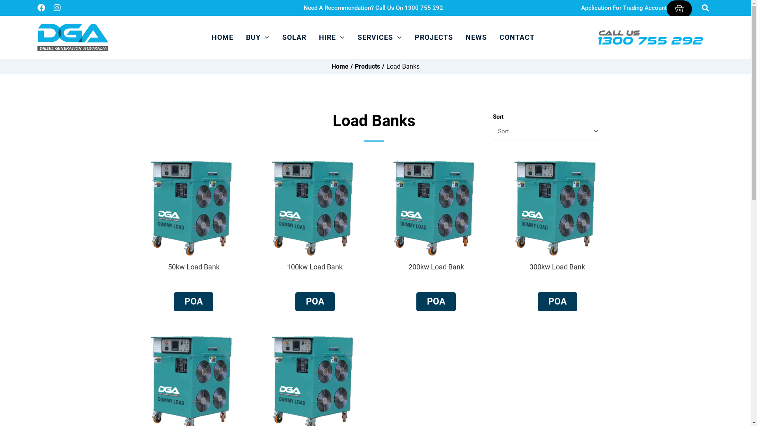 This screenshot has width=757, height=426. What do you see at coordinates (581, 7) in the screenshot?
I see `'Application For Trading Account'` at bounding box center [581, 7].